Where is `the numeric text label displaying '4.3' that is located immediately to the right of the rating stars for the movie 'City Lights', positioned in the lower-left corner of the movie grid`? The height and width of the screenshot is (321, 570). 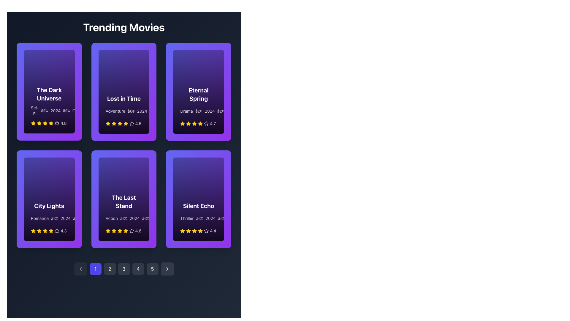 the numeric text label displaying '4.3' that is located immediately to the right of the rating stars for the movie 'City Lights', positioned in the lower-left corner of the movie grid is located at coordinates (64, 230).